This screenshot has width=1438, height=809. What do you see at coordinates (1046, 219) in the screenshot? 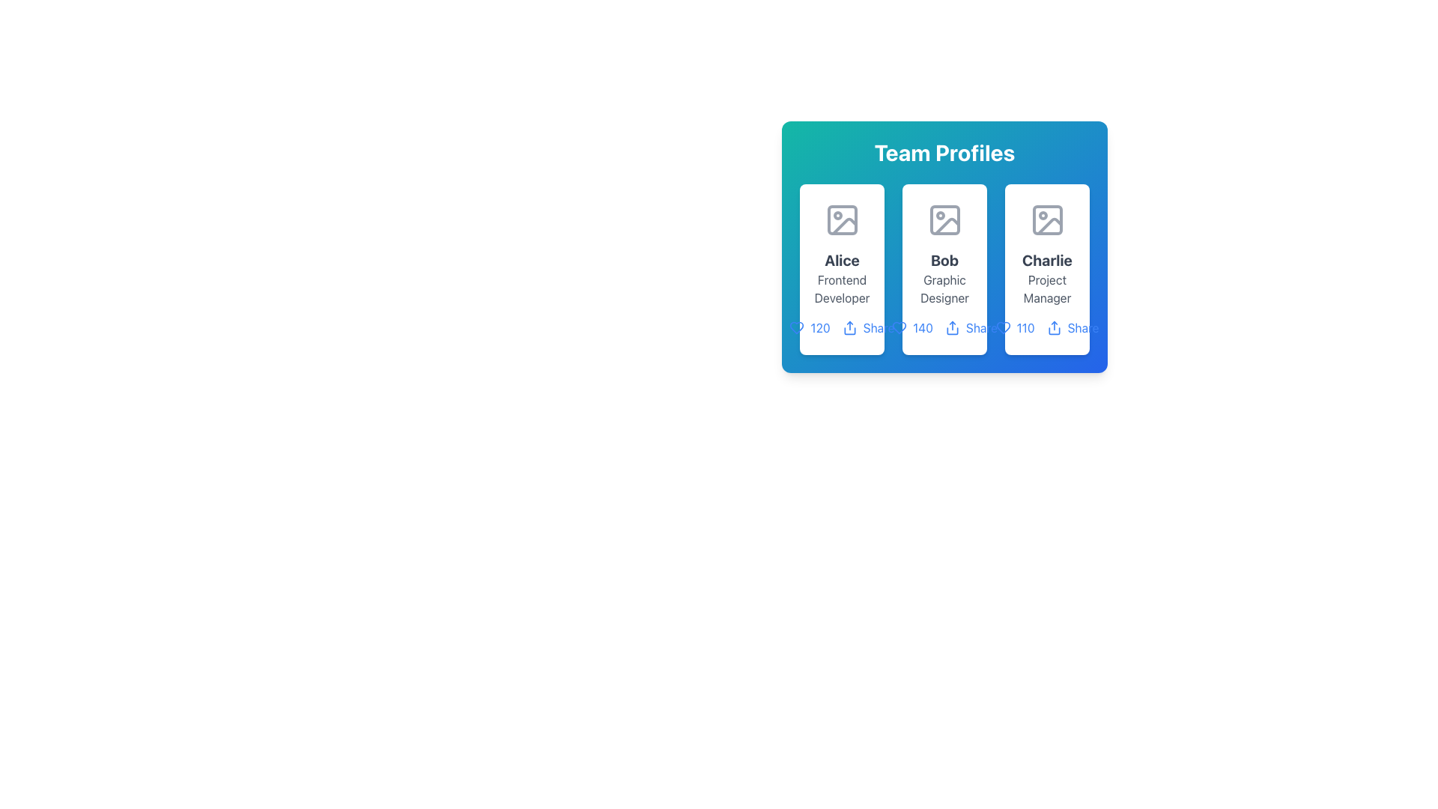
I see `the image placeholder icon located at the top-center of the card labeled 'Charlie', positioned above the text 'Project Manager' and below the card heading 'Charlie'` at bounding box center [1046, 219].